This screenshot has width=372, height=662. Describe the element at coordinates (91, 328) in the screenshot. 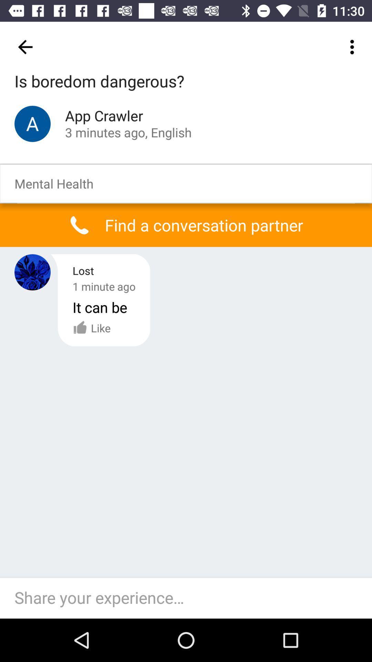

I see `the item below 1 minute ago` at that location.